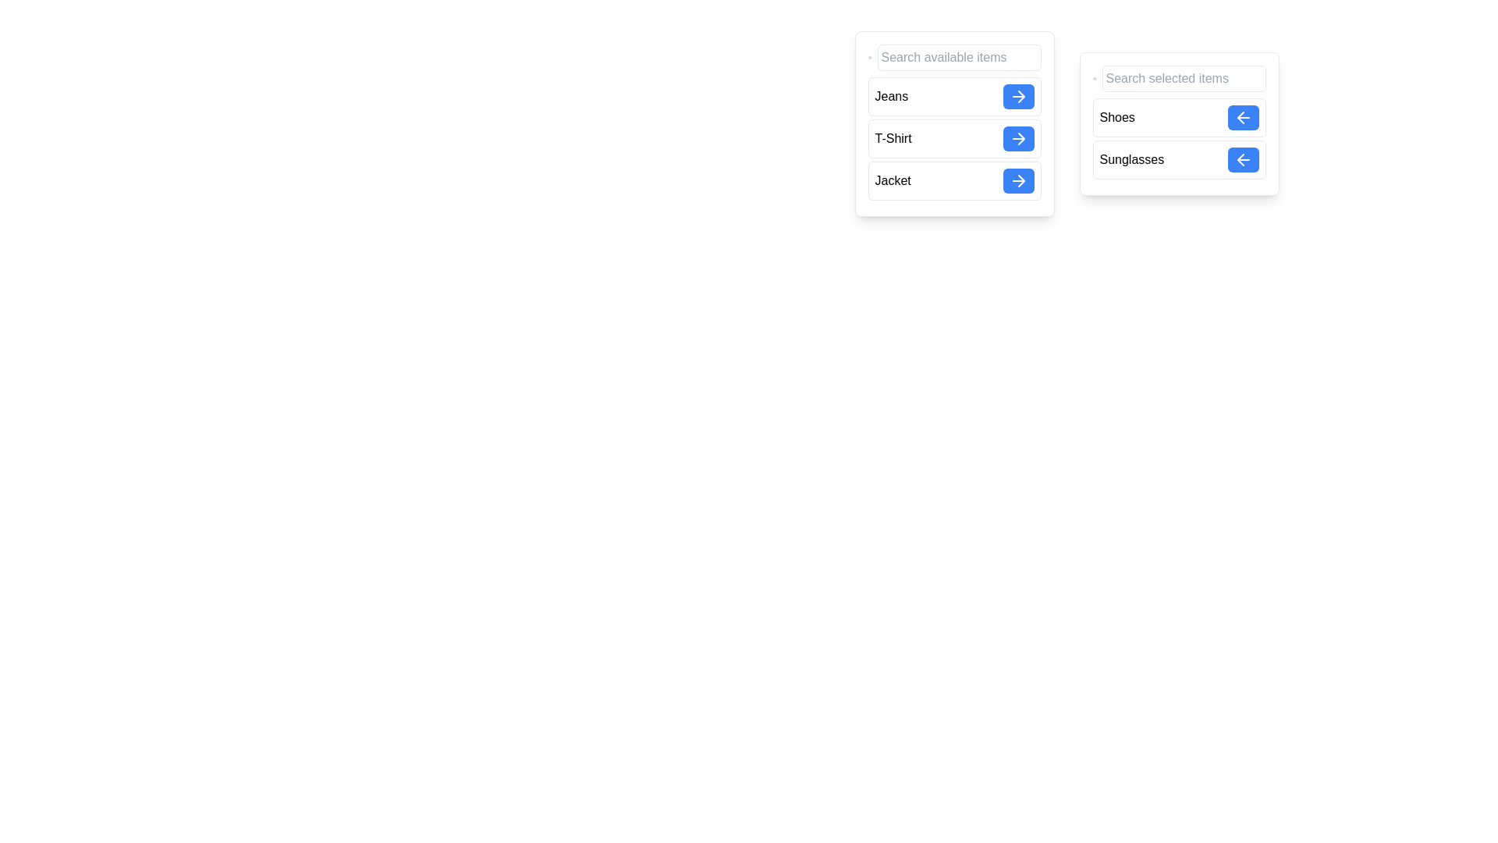 This screenshot has height=843, width=1498. I want to click on the rectangular button with a blue background and white arrow icon pointing to the right, located to the right of the 'T-Shirt' text, so click(1018, 137).